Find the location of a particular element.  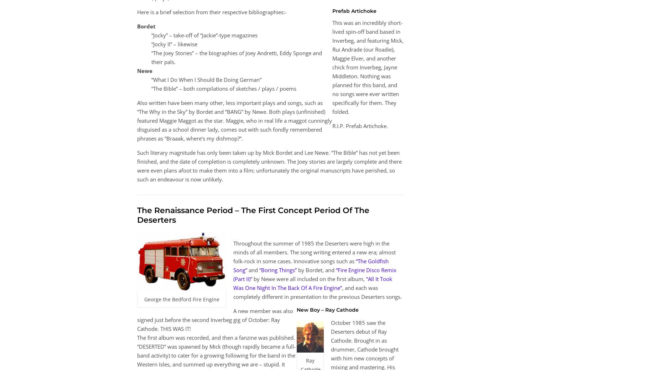

'Bordet' is located at coordinates (146, 26).